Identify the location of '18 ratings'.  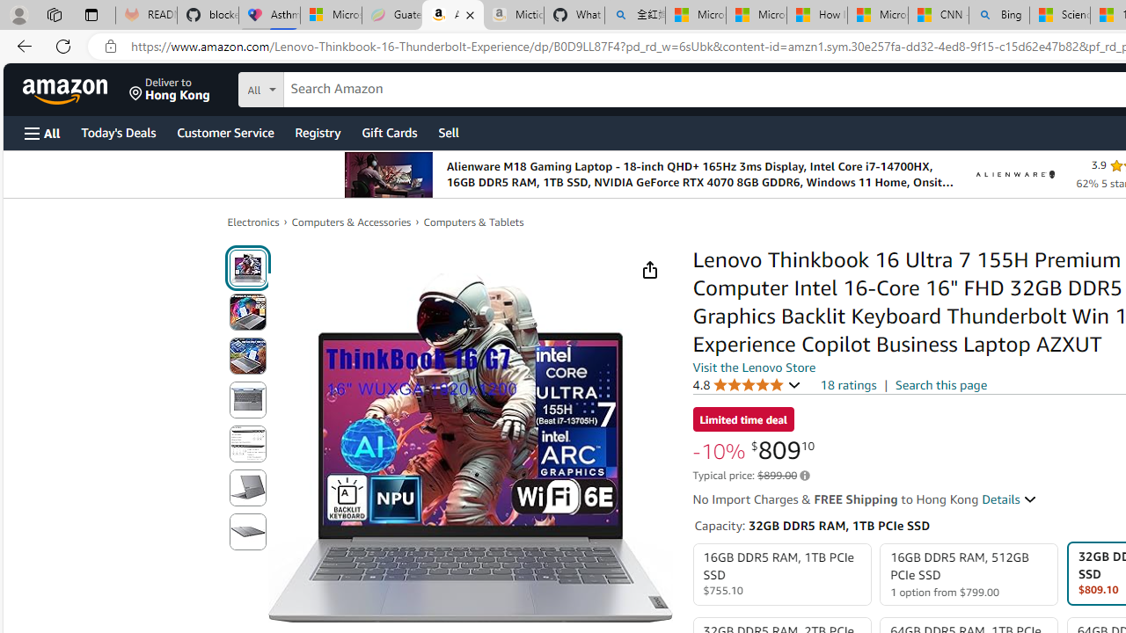
(848, 384).